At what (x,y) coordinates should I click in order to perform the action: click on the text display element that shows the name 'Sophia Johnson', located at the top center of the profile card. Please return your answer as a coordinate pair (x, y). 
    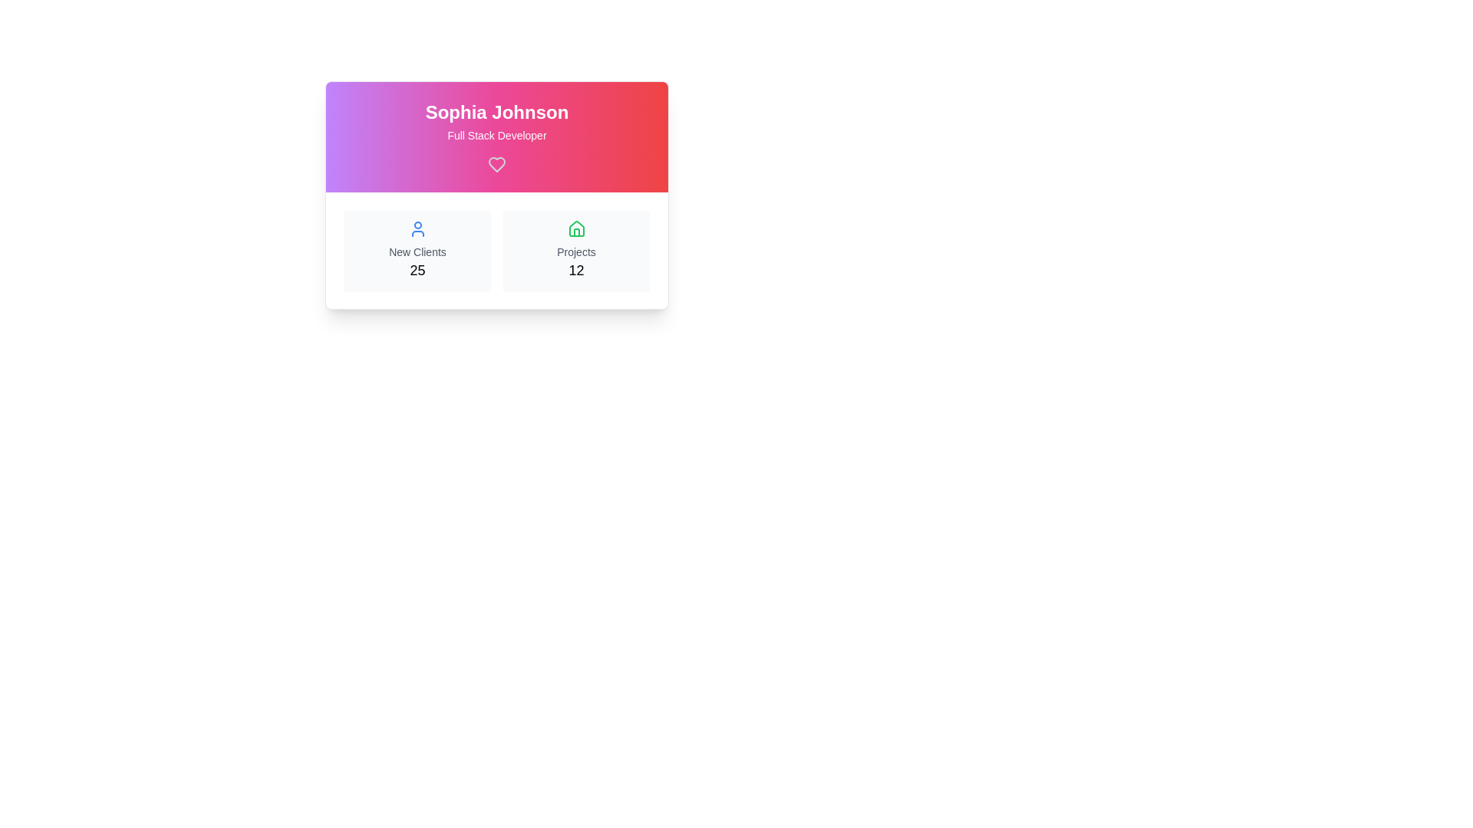
    Looking at the image, I should click on (497, 111).